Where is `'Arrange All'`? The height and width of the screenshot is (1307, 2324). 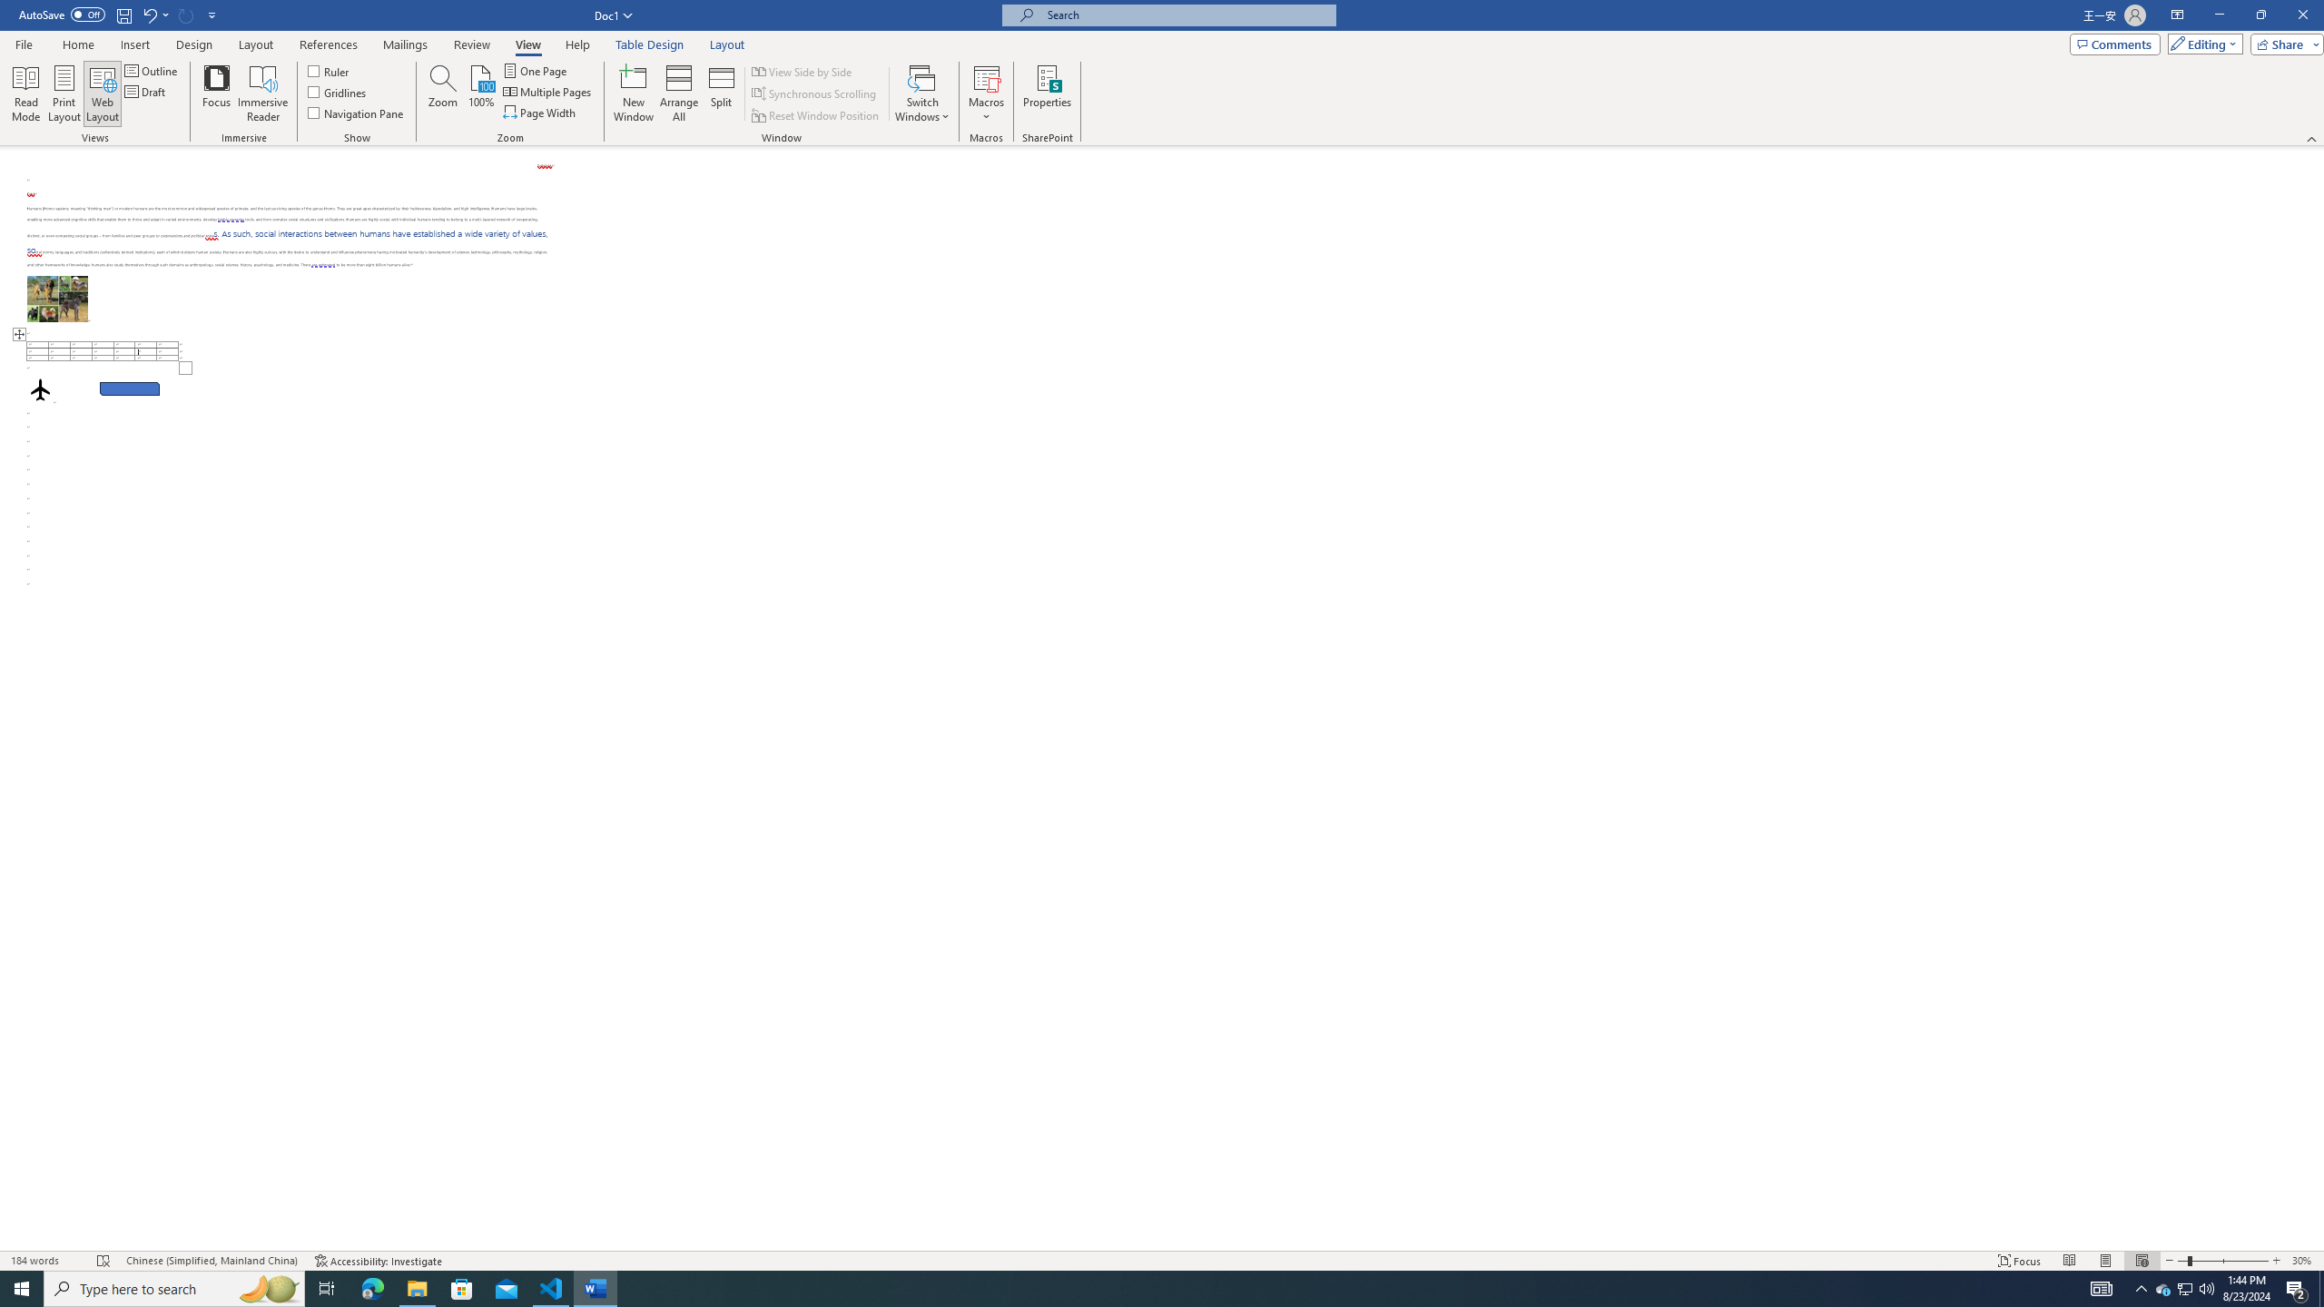 'Arrange All' is located at coordinates (678, 93).